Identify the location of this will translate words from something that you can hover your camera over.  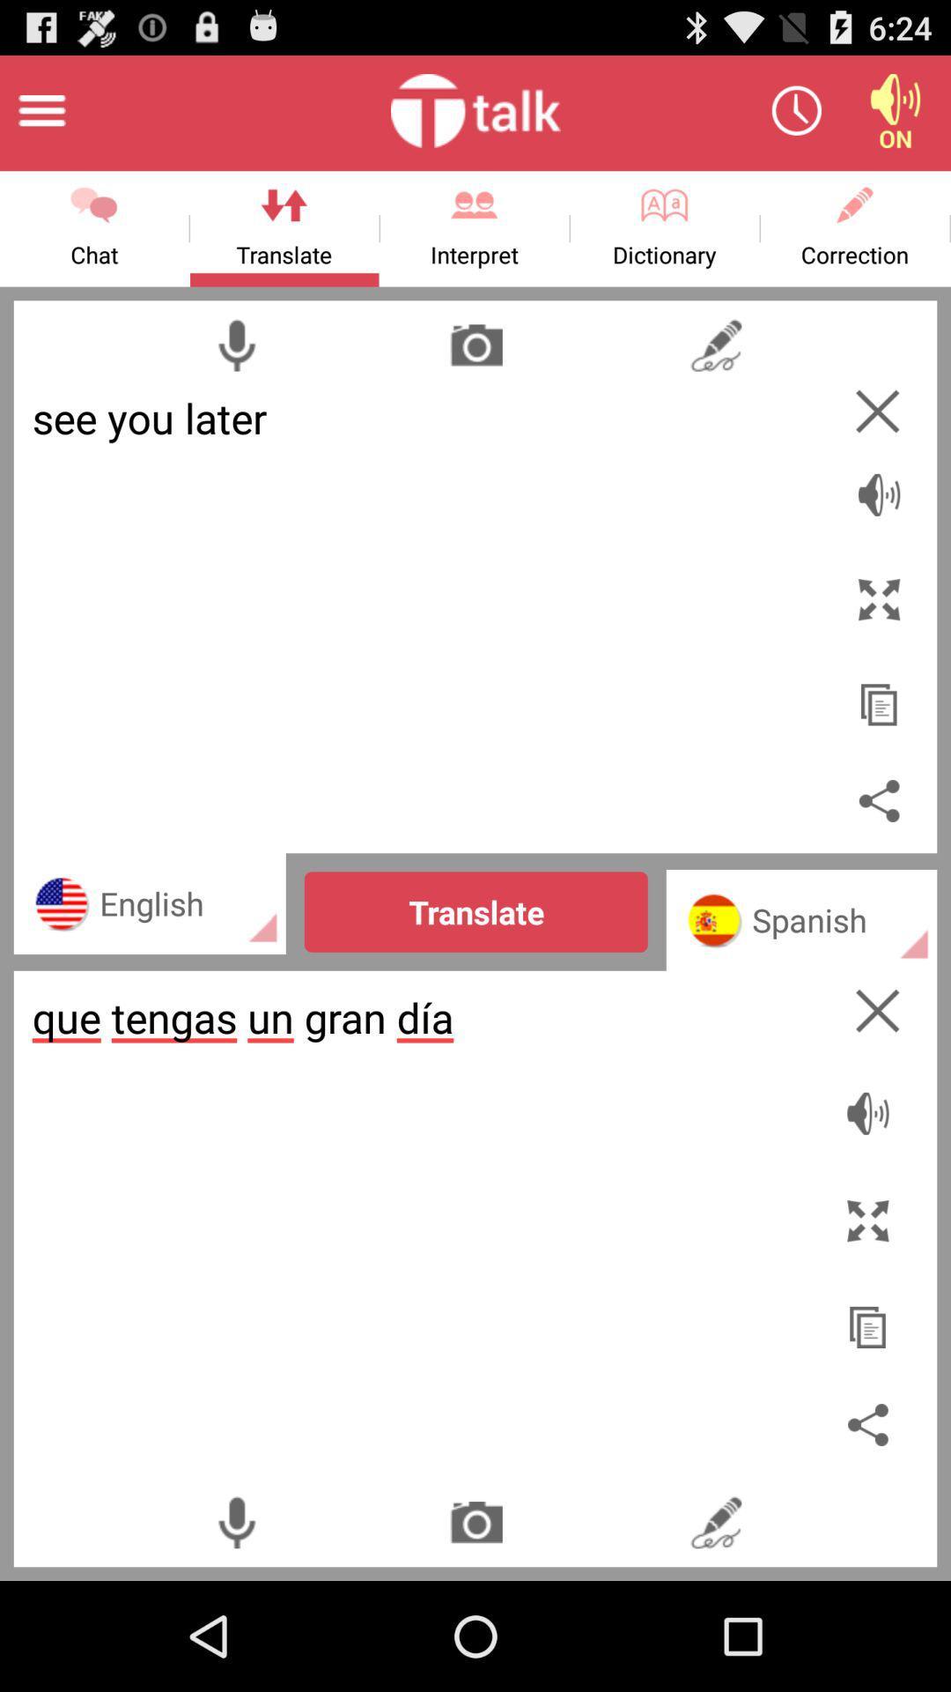
(476, 345).